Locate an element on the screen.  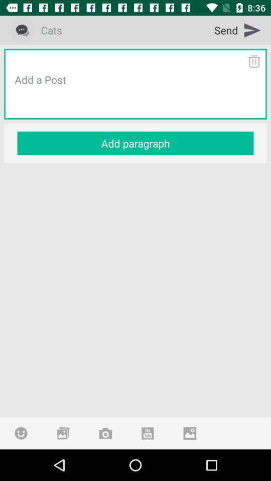
the delete icon is located at coordinates (253, 61).